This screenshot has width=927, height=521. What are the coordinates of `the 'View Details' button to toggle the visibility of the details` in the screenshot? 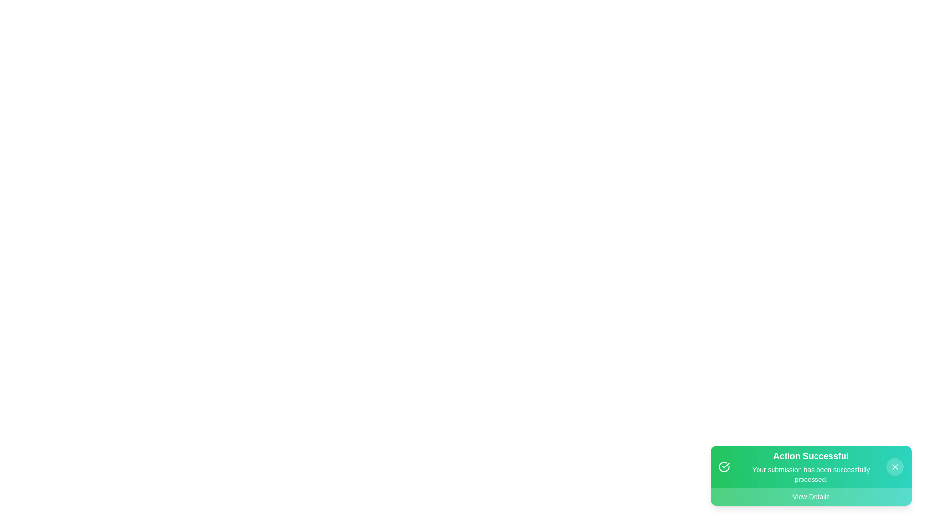 It's located at (811, 496).